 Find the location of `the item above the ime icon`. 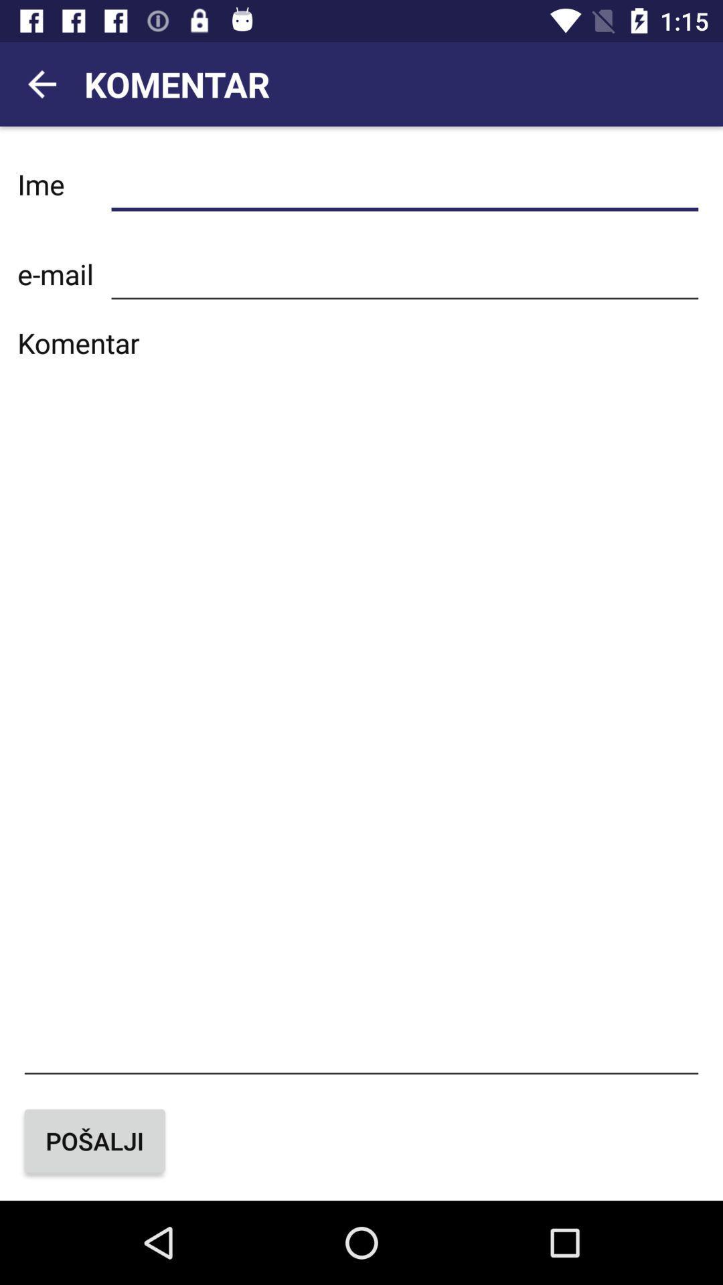

the item above the ime icon is located at coordinates (41, 83).